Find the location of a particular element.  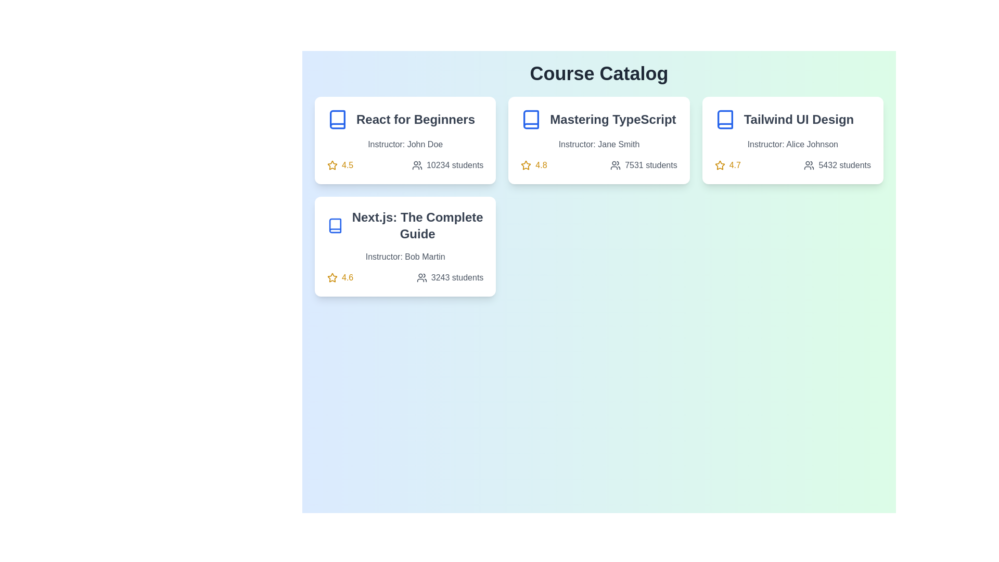

the golden star icon with a hollow center, which denotes ratings for the course 'Next.js: The Complete Guide.' is located at coordinates (331, 164).